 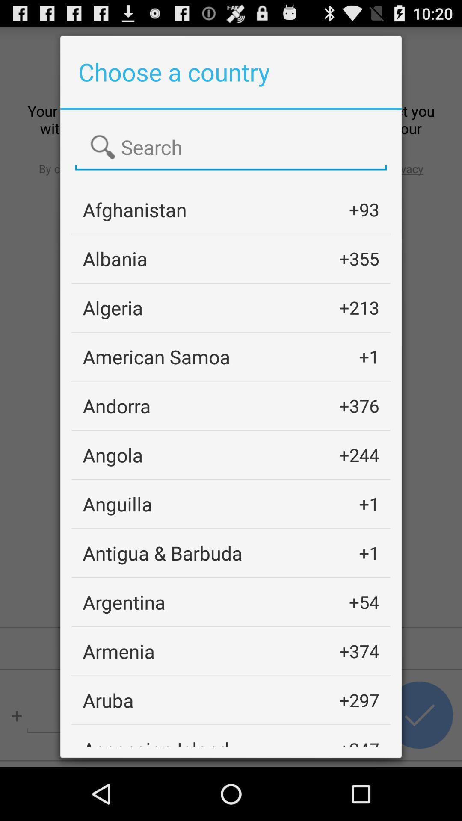 I want to click on app to the left of +1 app, so click(x=117, y=504).